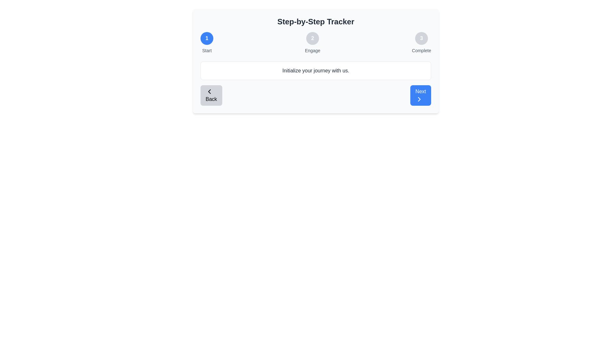 The image size is (615, 346). Describe the element at coordinates (209, 91) in the screenshot. I see `the leftward-pointing chevron icon within the 'Back' button located on the left side of the interface's bottom section` at that location.